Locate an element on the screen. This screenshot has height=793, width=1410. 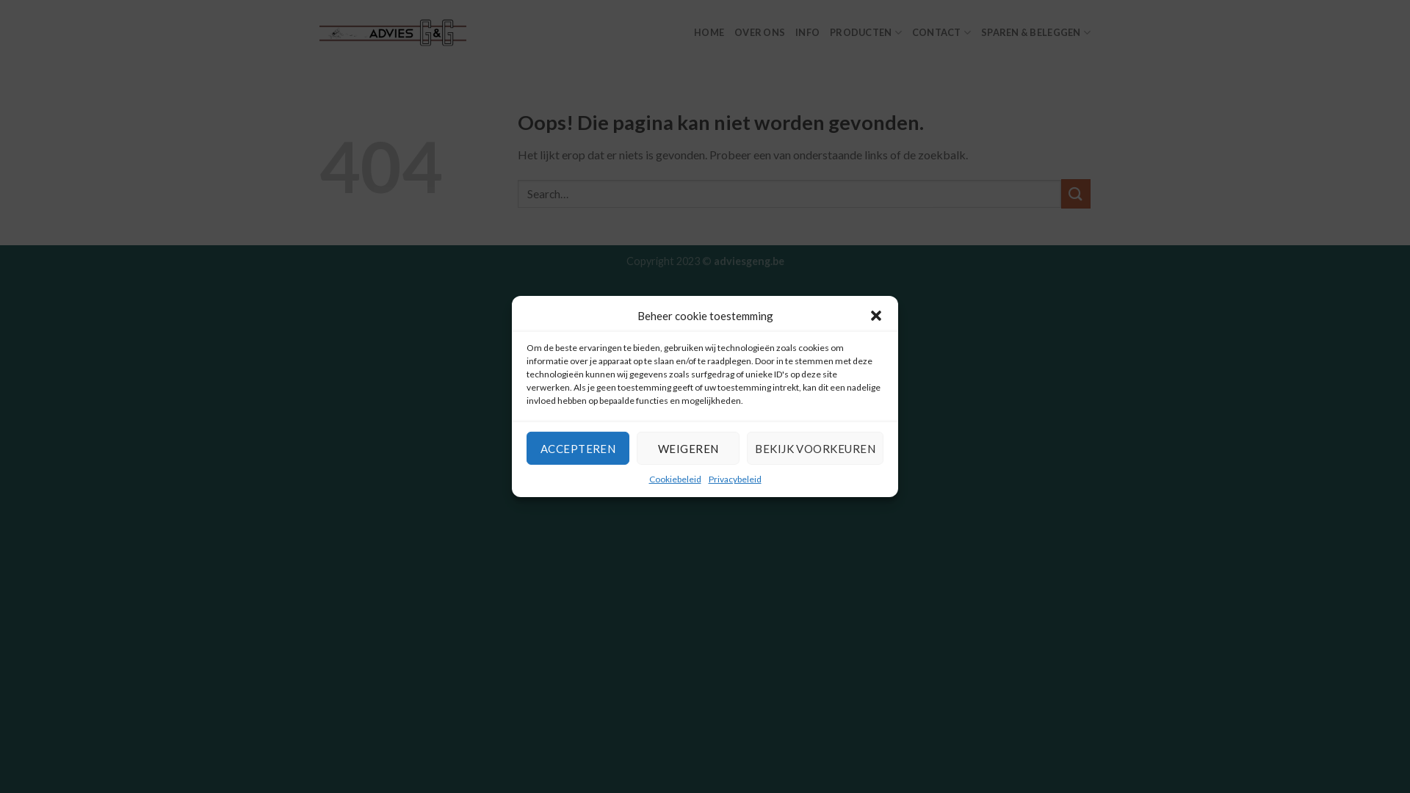
'HOME' is located at coordinates (709, 32).